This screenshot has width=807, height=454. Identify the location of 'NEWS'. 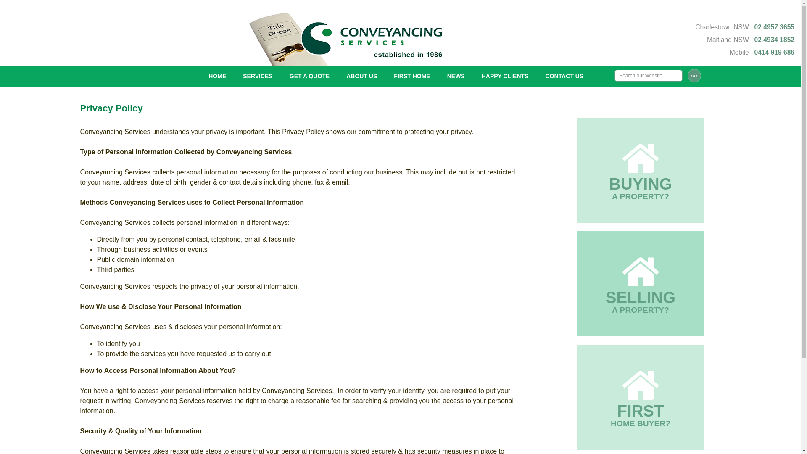
(438, 76).